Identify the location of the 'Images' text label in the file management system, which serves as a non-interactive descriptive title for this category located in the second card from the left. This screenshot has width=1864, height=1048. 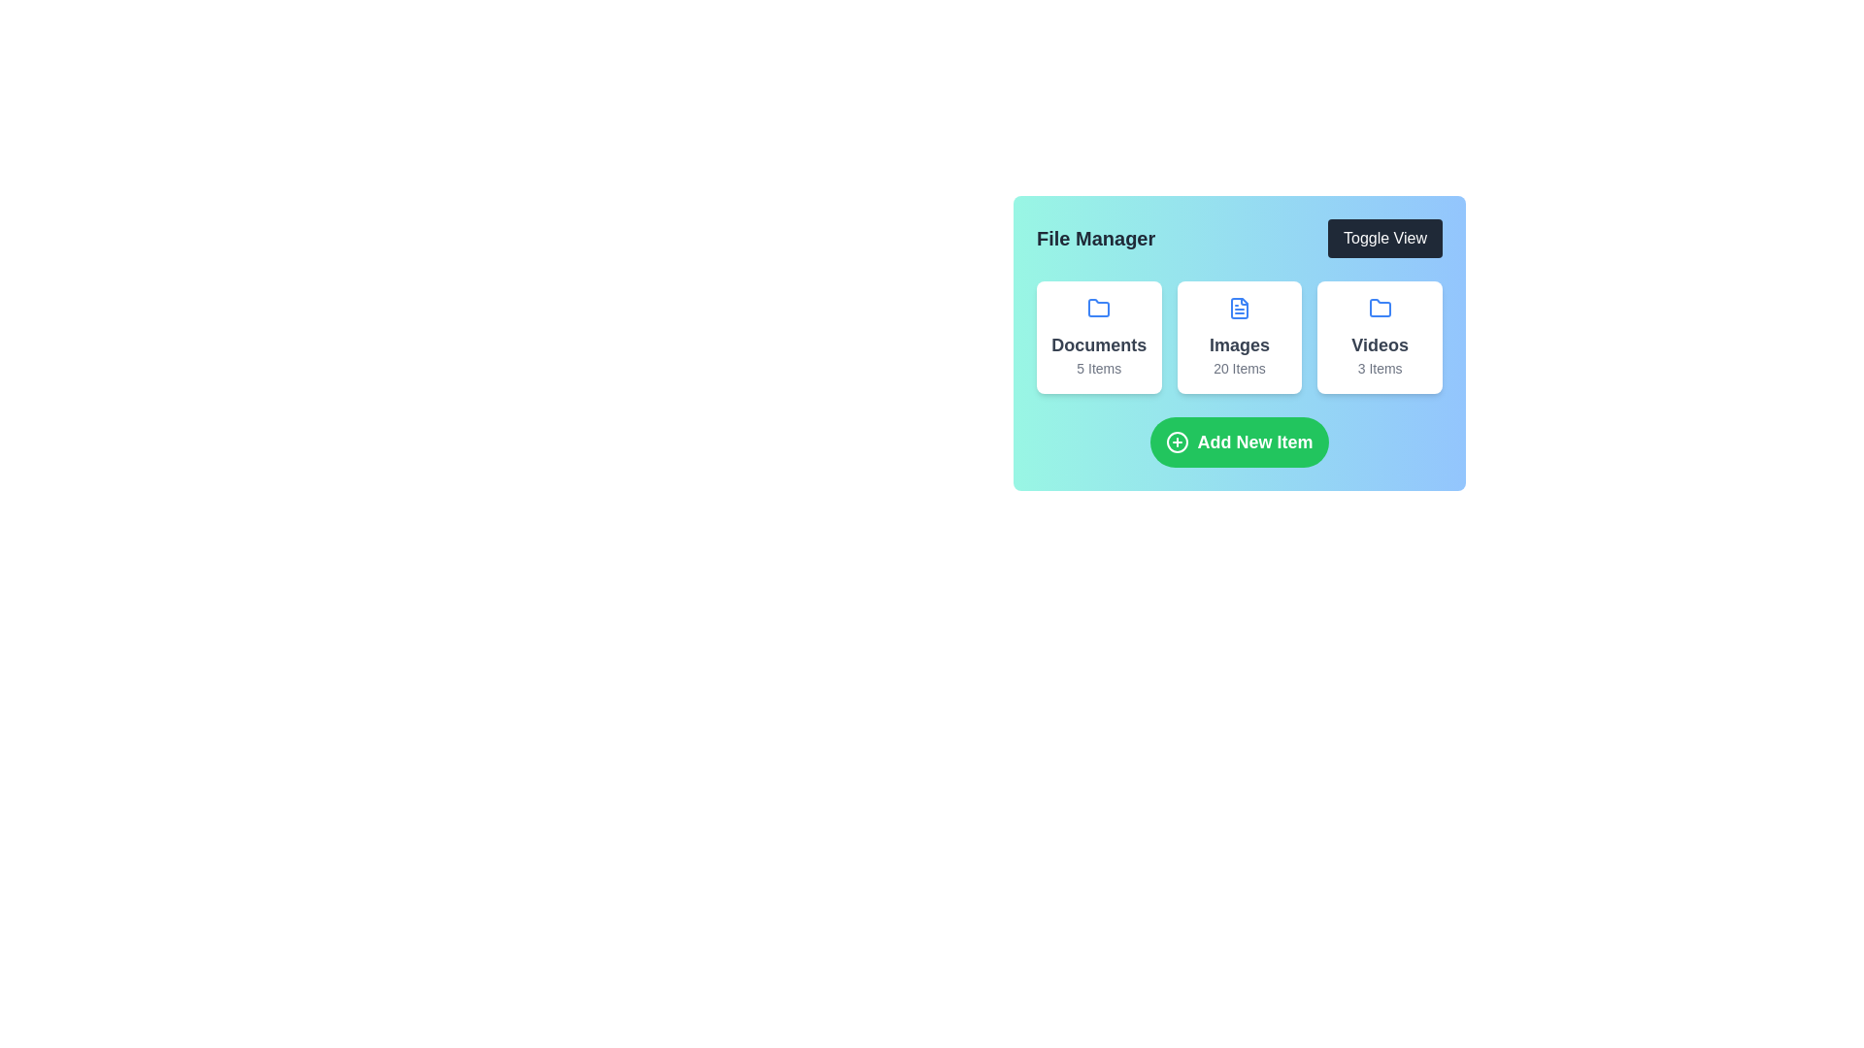
(1238, 344).